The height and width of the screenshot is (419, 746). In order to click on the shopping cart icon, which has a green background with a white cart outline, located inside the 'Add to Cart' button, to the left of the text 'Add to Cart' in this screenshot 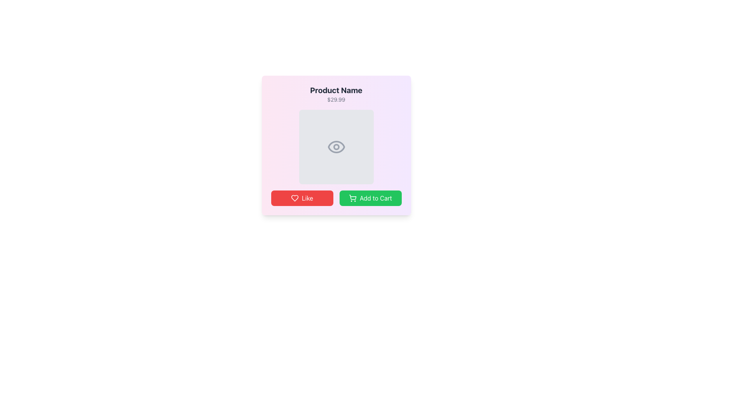, I will do `click(352, 197)`.